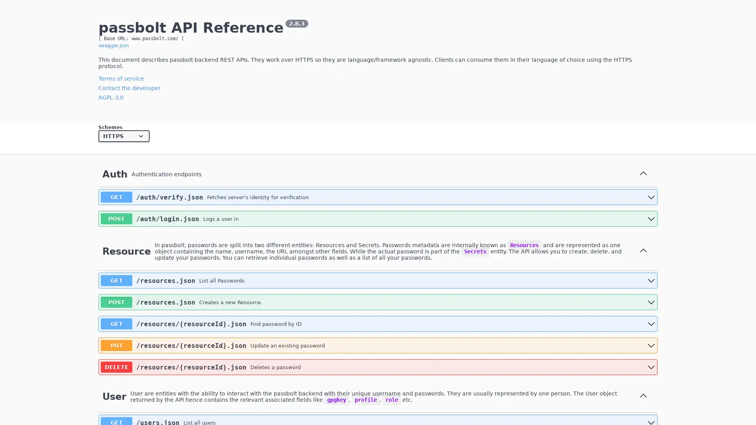  Describe the element at coordinates (378, 280) in the screenshot. I see `get /resources.json` at that location.